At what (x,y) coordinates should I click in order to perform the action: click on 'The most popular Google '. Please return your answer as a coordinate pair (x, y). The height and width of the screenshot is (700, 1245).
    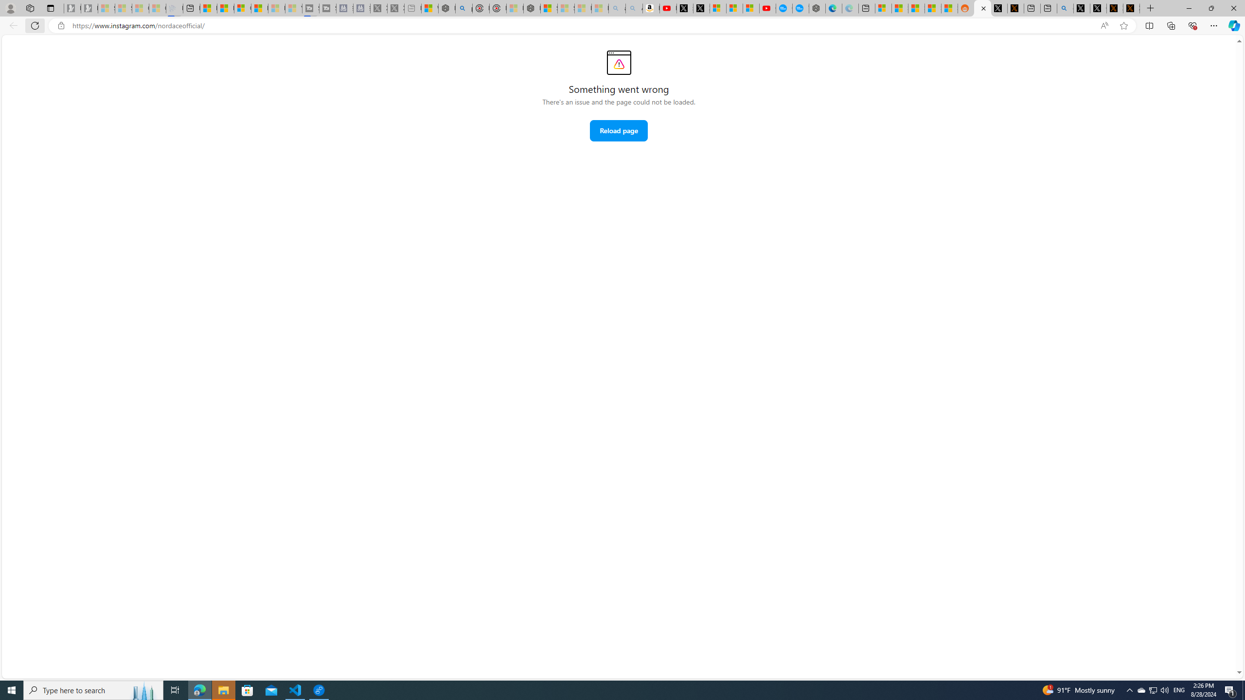
    Looking at the image, I should click on (800, 8).